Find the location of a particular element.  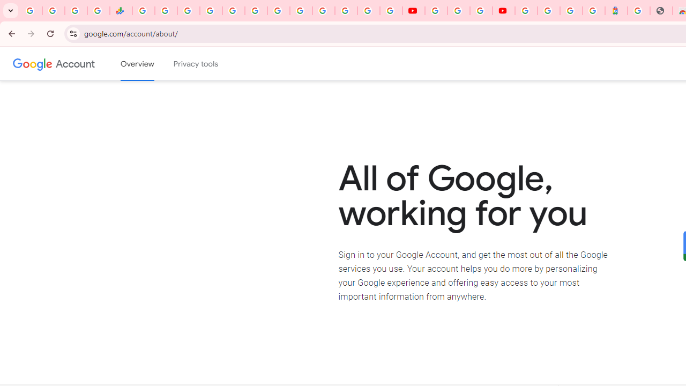

'Google Account overview' is located at coordinates (137, 64).